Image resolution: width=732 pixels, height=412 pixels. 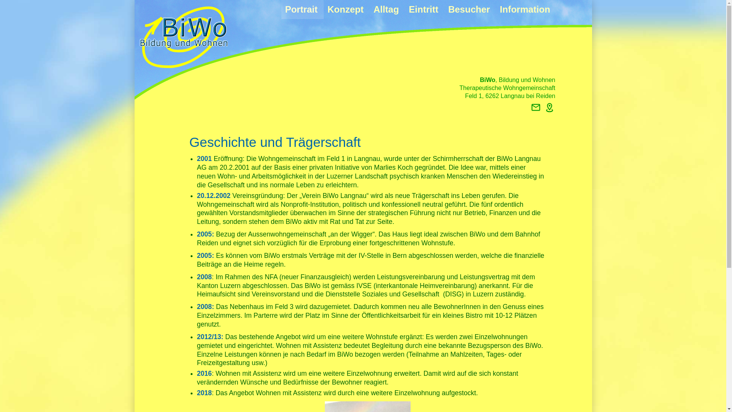 I want to click on 'Portrait', so click(x=302, y=9).